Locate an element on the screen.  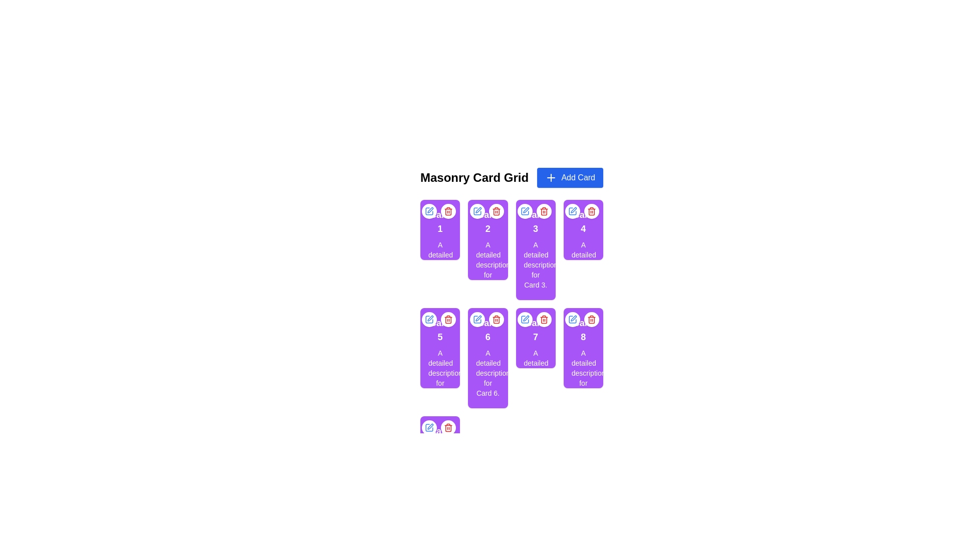
the blue pen icon within the circular button located in the top left corner of the card labeled '1' is located at coordinates (524, 319).